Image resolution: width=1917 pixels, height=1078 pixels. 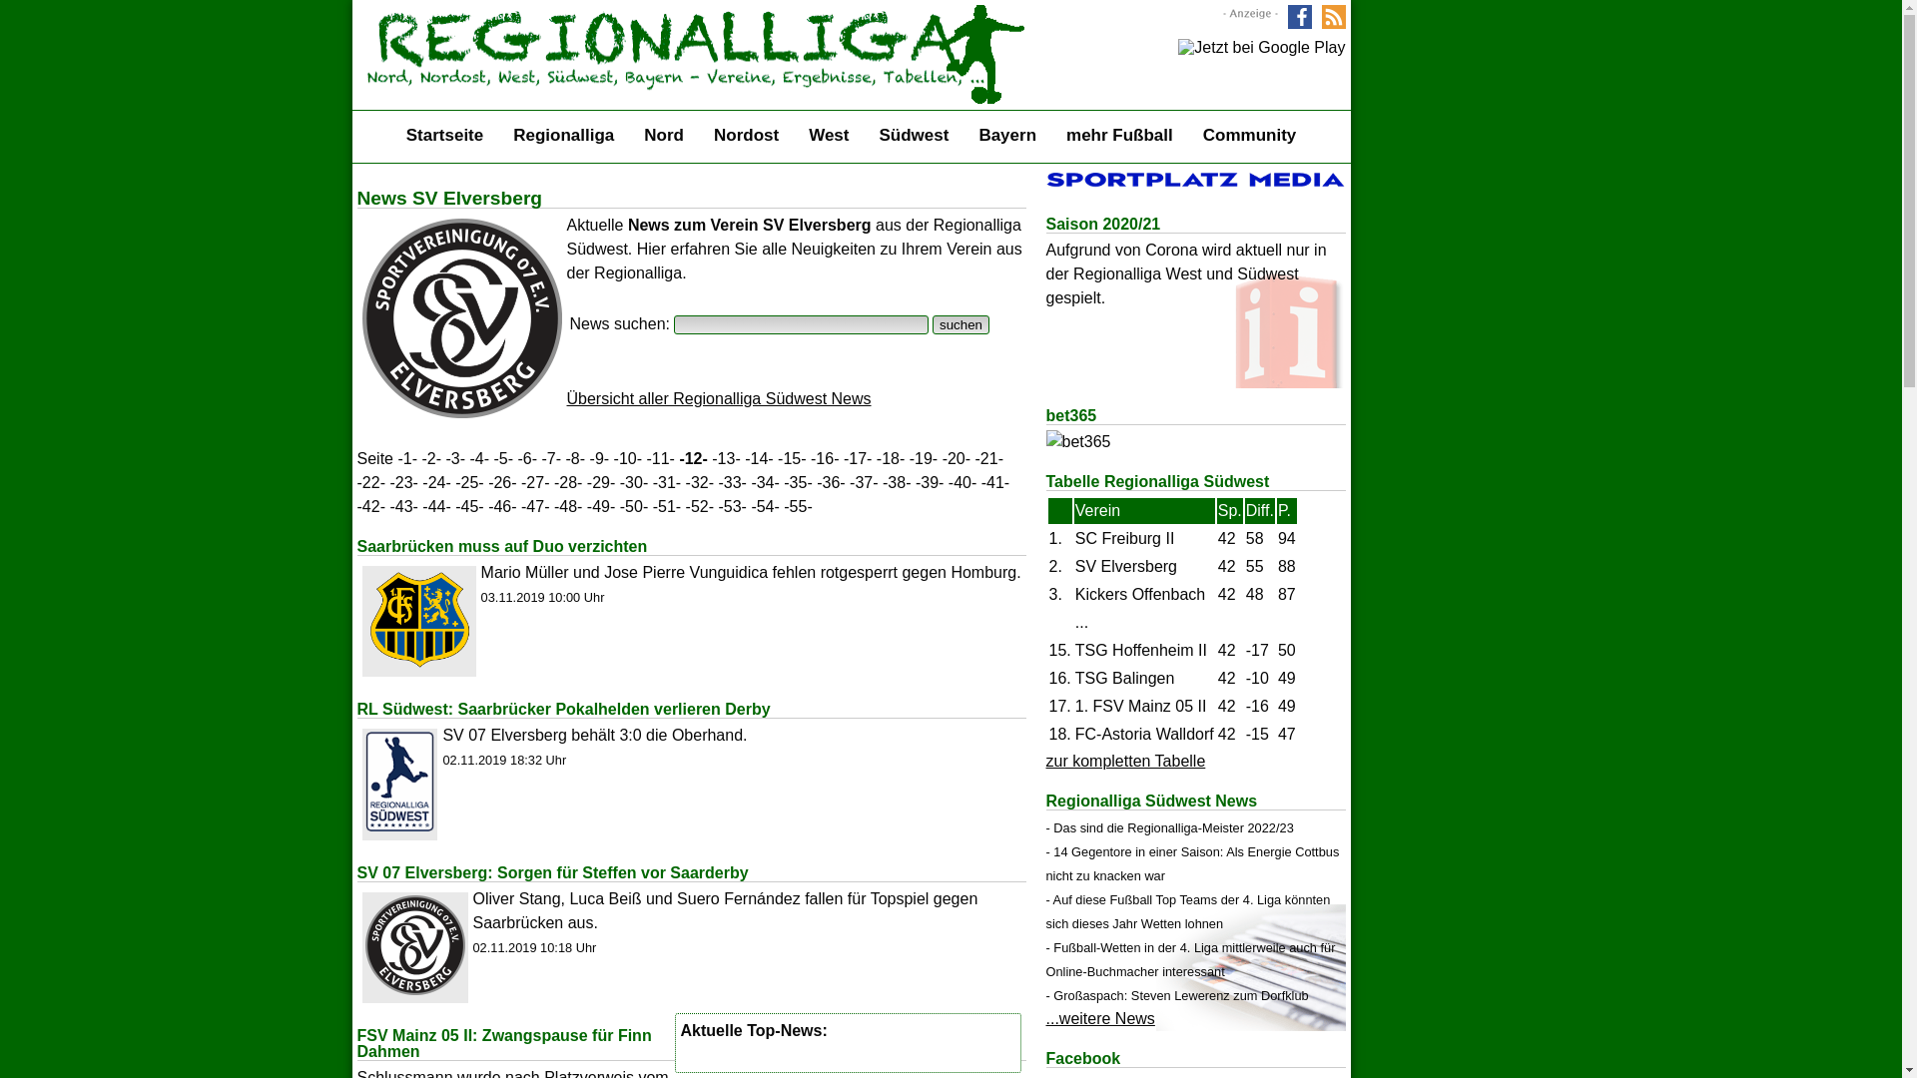 What do you see at coordinates (699, 482) in the screenshot?
I see `'-32-'` at bounding box center [699, 482].